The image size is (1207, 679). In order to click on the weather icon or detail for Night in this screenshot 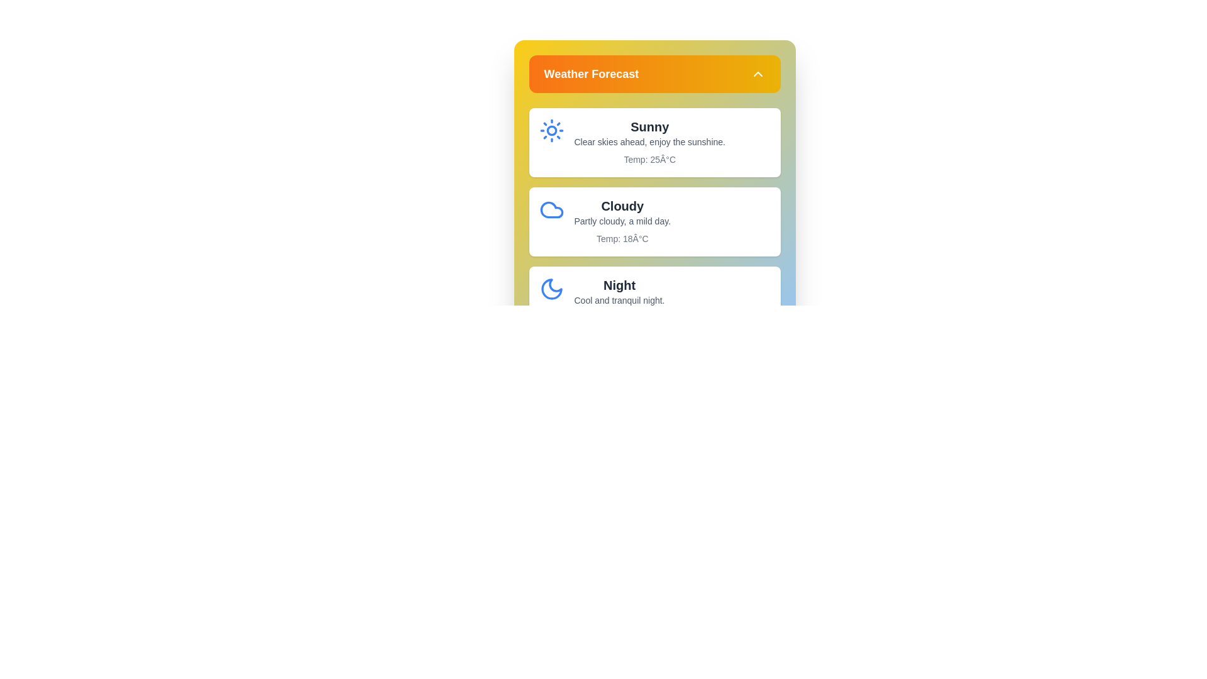, I will do `click(551, 289)`.